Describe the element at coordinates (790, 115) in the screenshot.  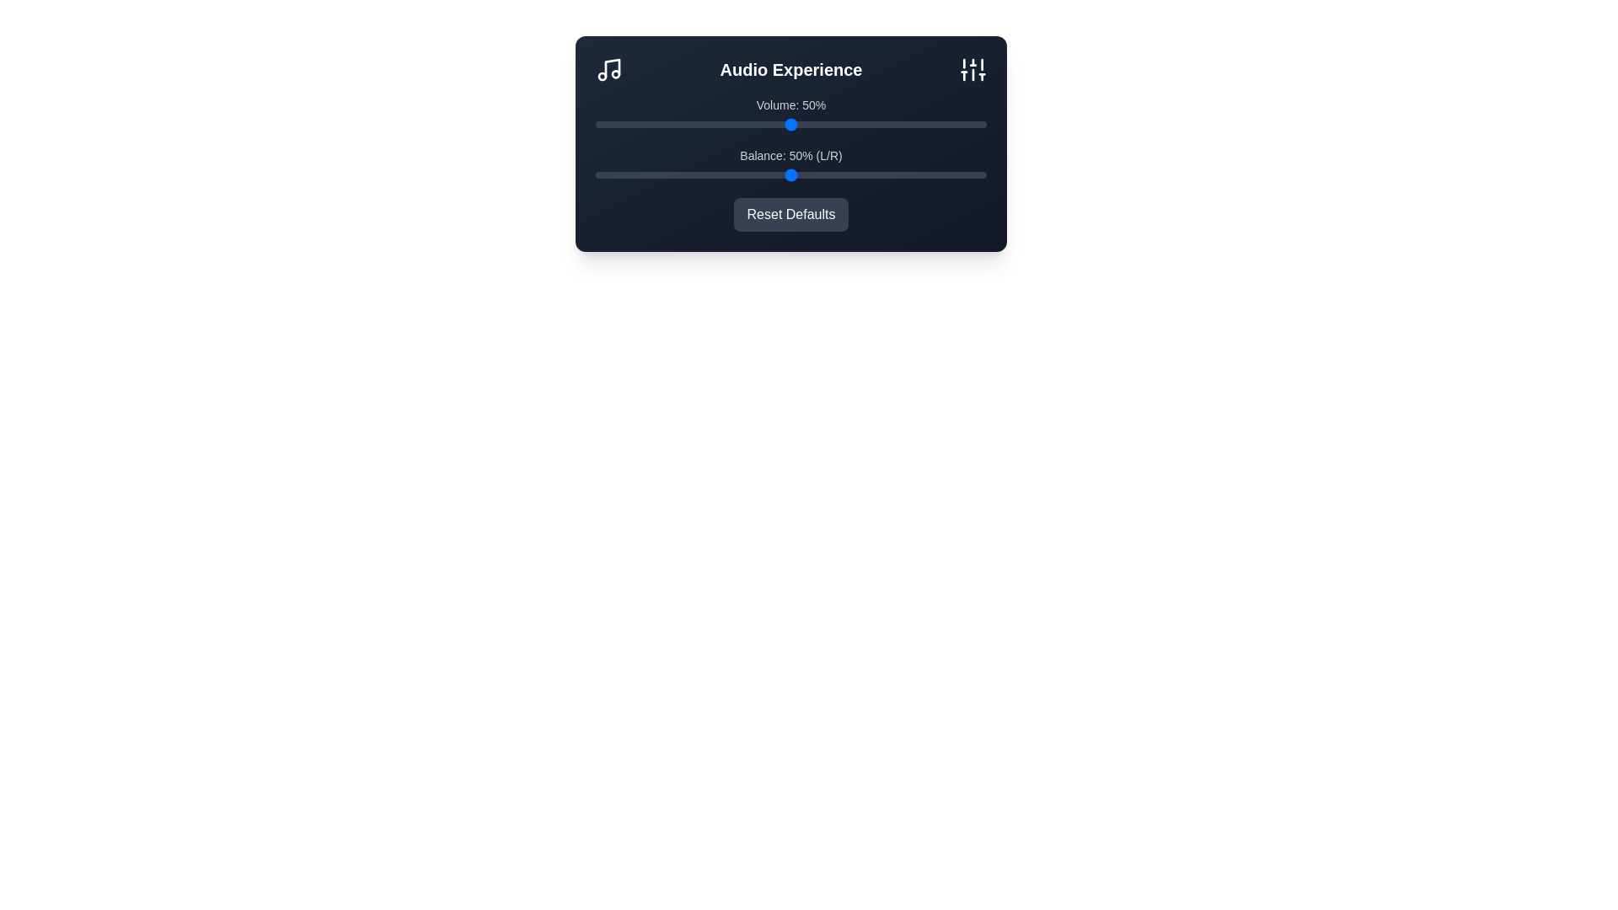
I see `the text displaying the percentage to select it` at that location.